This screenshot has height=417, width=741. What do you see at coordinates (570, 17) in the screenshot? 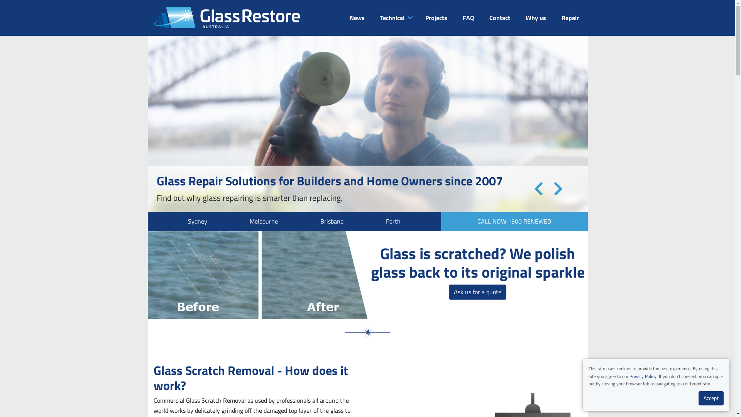
I see `'Repair'` at bounding box center [570, 17].